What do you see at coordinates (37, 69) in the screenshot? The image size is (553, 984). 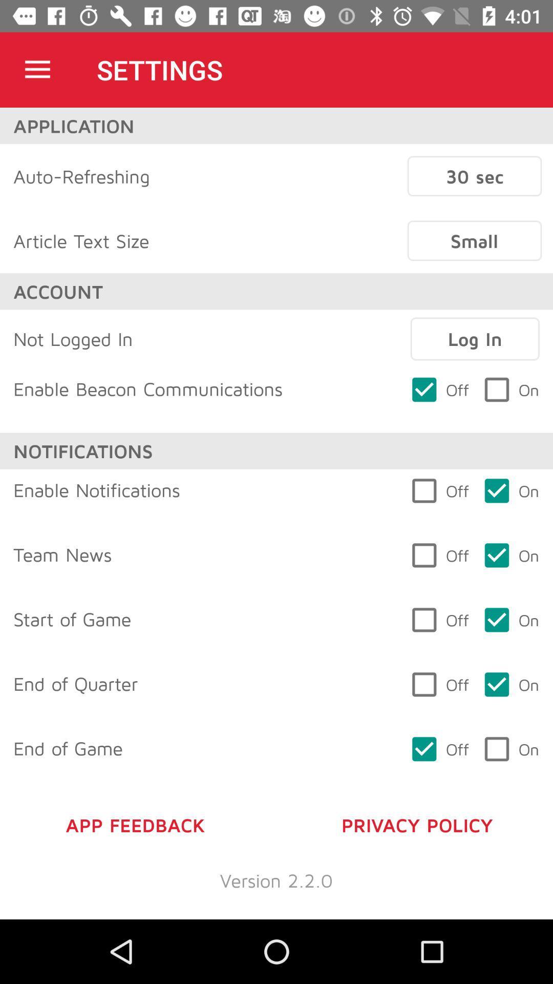 I see `icon to the left of the settings item` at bounding box center [37, 69].